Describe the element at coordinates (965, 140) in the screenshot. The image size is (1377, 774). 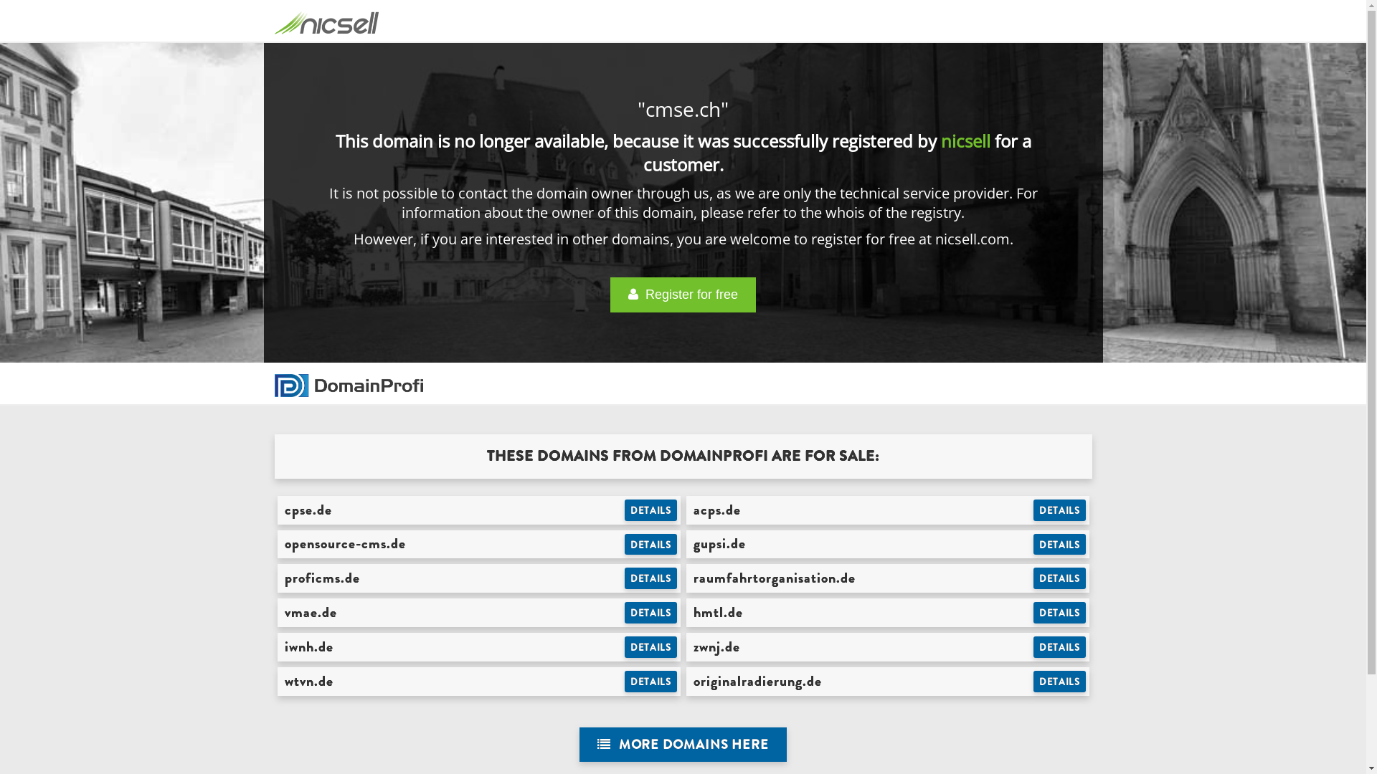
I see `'nicsell'` at that location.